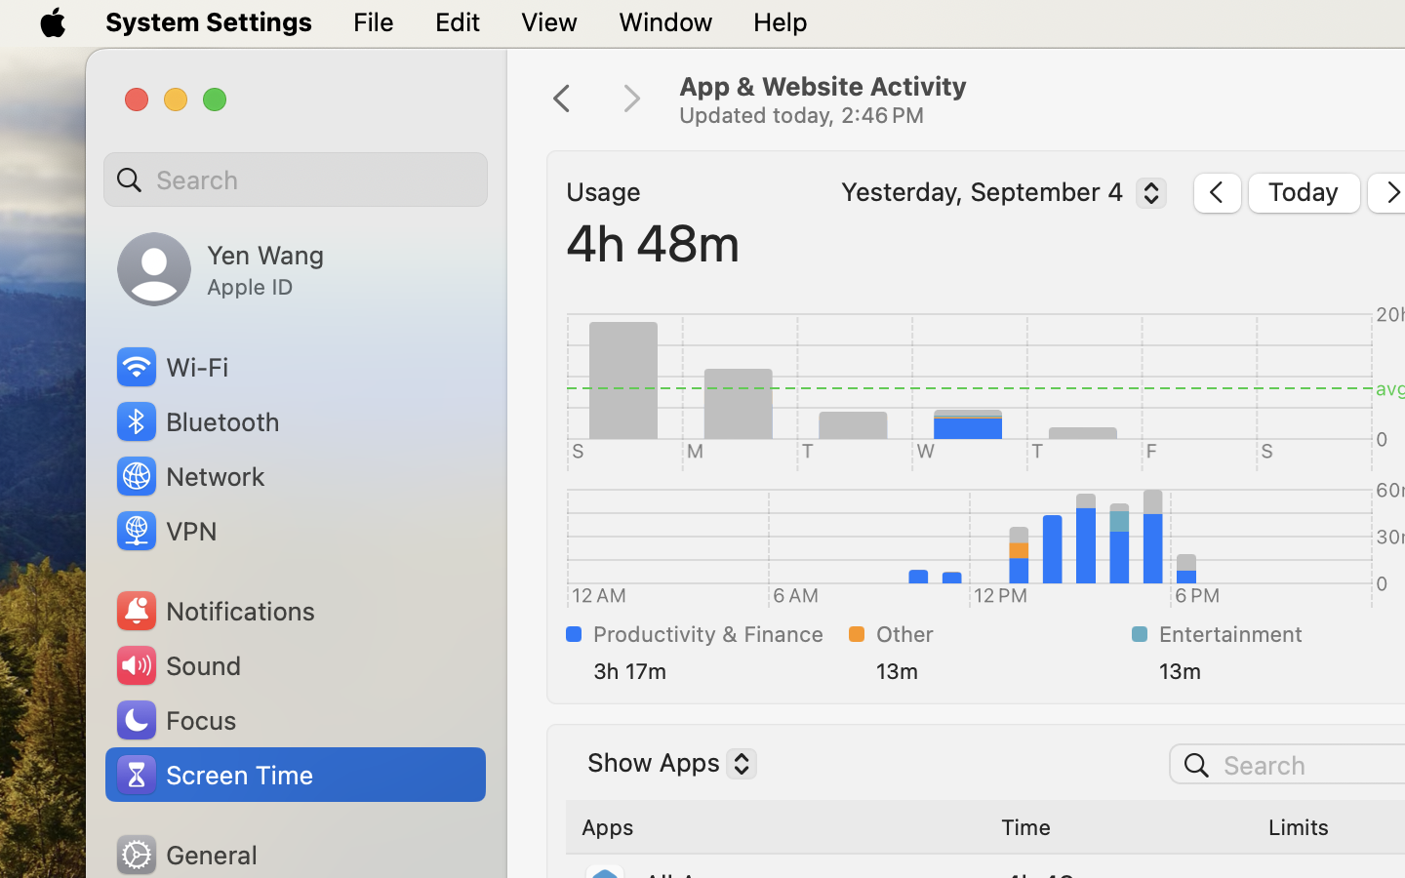 The image size is (1405, 878). Describe the element at coordinates (715, 633) in the screenshot. I see `'Productivity & Finance'` at that location.